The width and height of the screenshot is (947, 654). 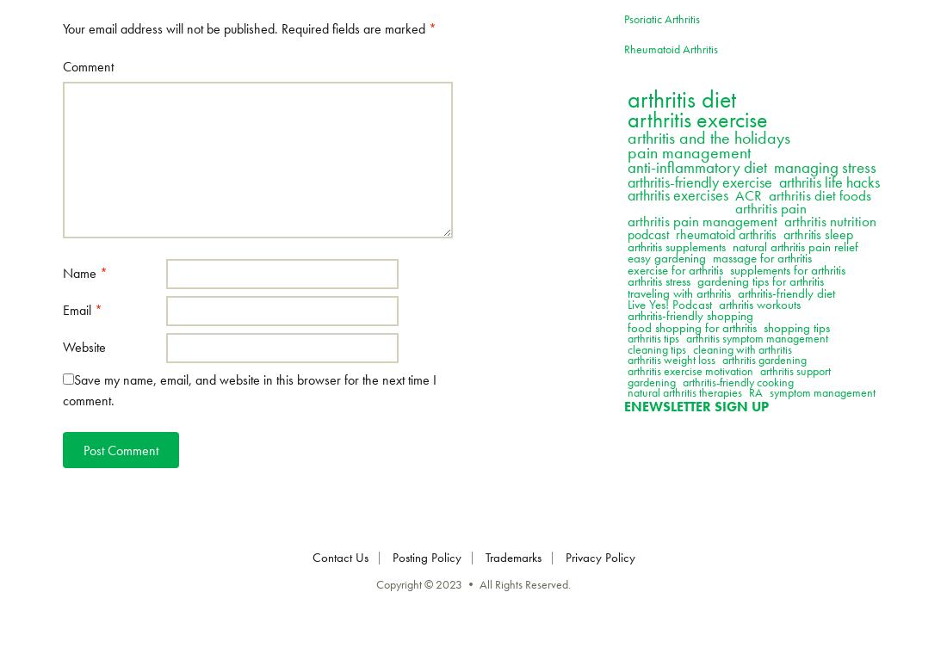 What do you see at coordinates (622, 17) in the screenshot?
I see `'Psoriatic Arthritis'` at bounding box center [622, 17].